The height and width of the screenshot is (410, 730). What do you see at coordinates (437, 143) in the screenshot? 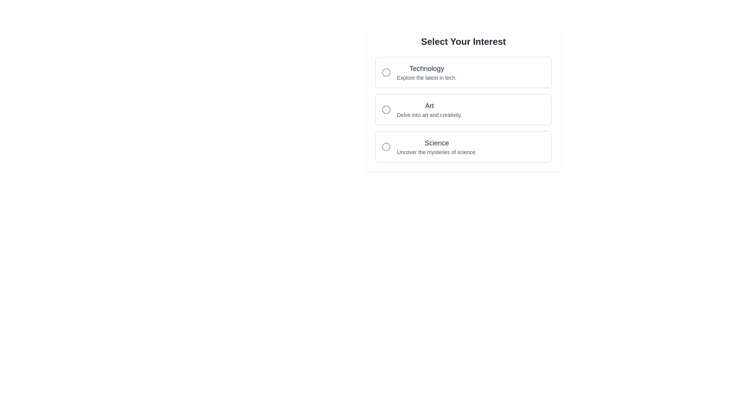
I see `the title label for the third selectable category in the 'Select Your Interest' section, which is positioned above the text 'Uncover the mysteries of science.'` at bounding box center [437, 143].